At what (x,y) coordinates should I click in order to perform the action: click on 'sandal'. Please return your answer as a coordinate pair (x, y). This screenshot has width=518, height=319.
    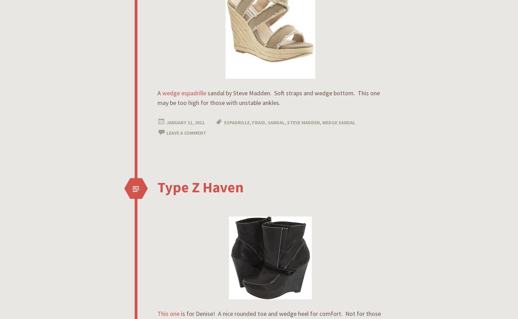
    Looking at the image, I should click on (268, 123).